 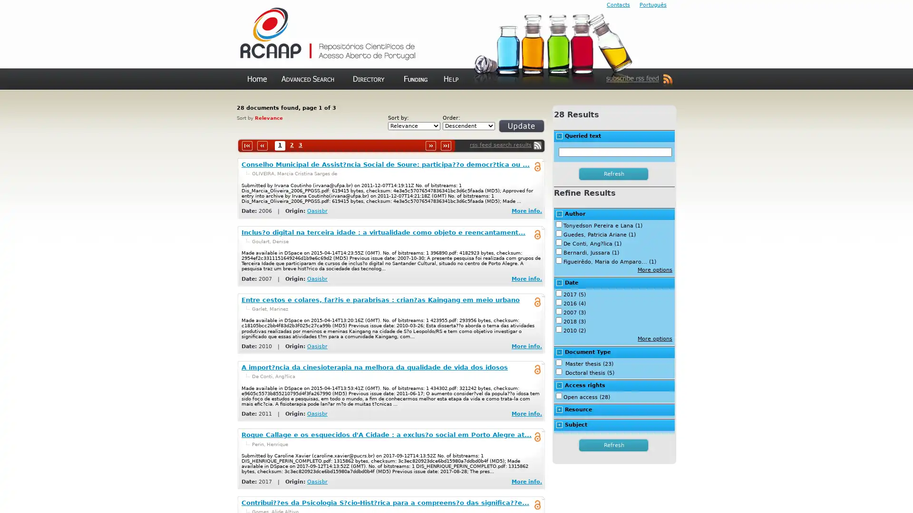 What do you see at coordinates (614, 445) in the screenshot?
I see `Refresh` at bounding box center [614, 445].